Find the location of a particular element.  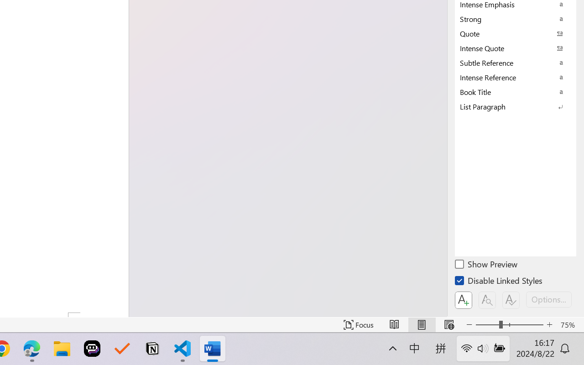

'Options...' is located at coordinates (548, 299).